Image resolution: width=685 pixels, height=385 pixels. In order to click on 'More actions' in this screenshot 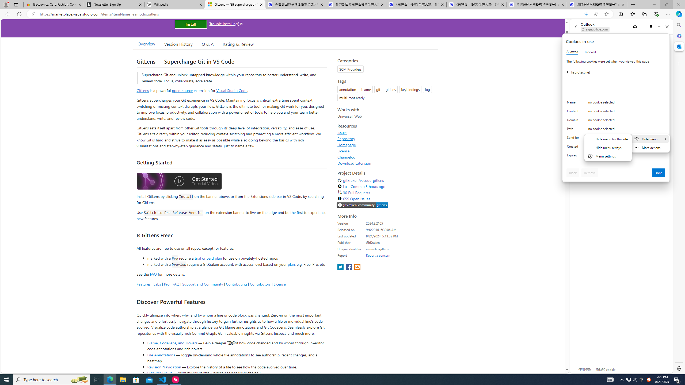, I will do `click(650, 147)`.